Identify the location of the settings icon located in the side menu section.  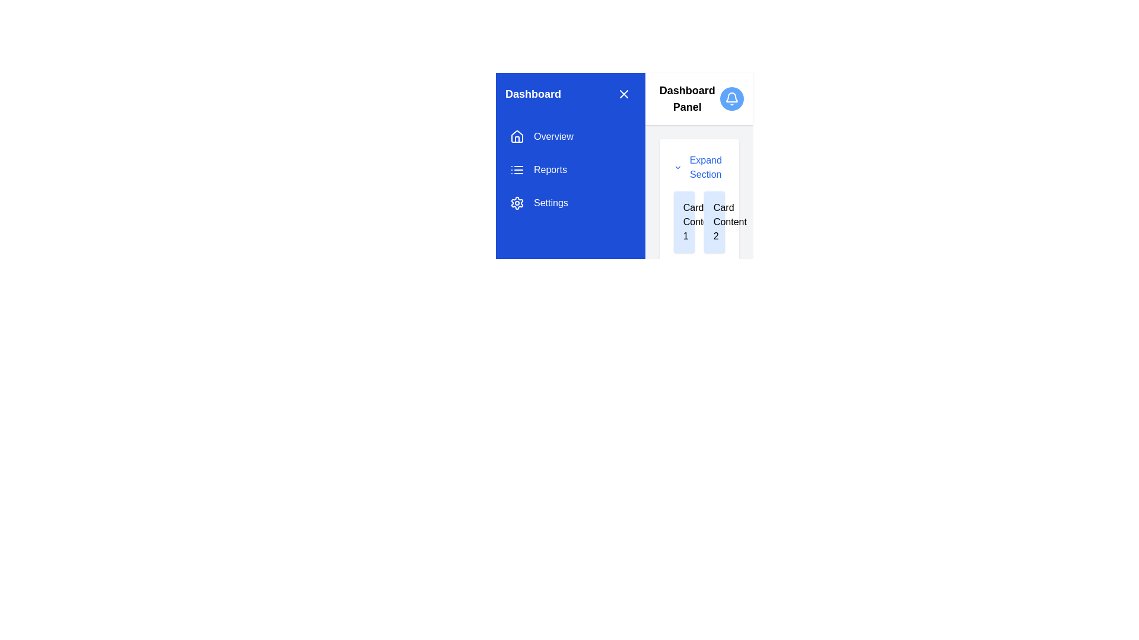
(517, 203).